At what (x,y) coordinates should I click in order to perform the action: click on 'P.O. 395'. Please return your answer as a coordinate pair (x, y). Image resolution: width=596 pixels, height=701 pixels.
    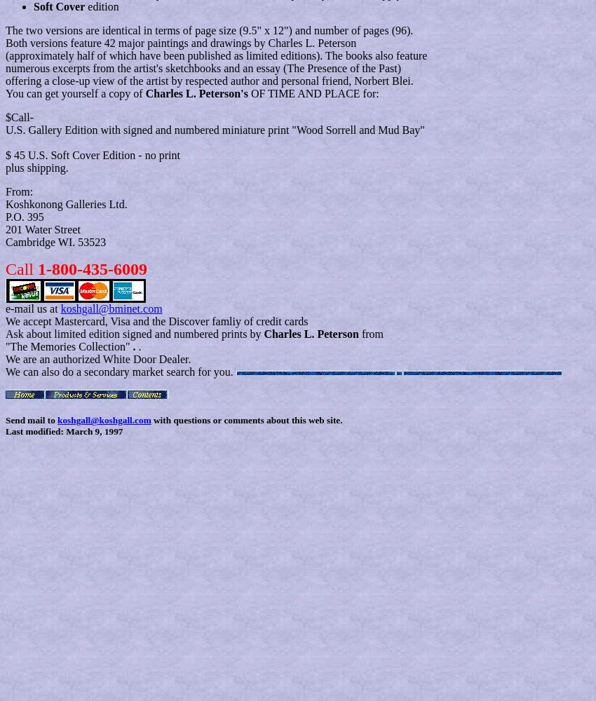
    Looking at the image, I should click on (24, 217).